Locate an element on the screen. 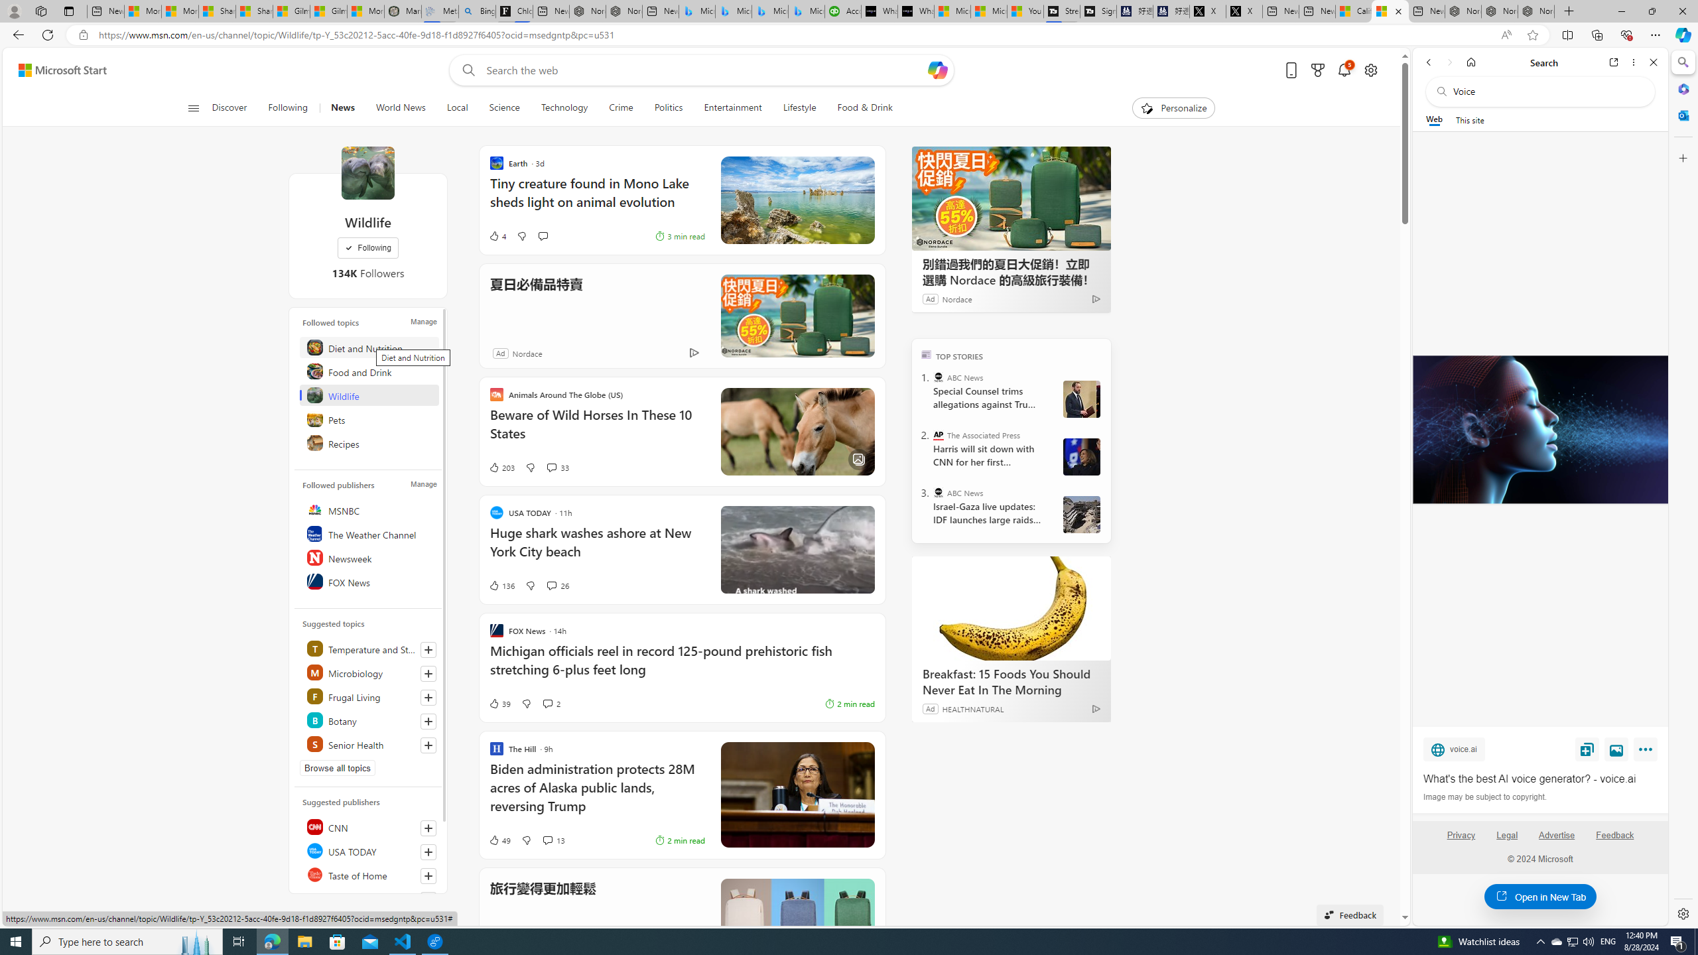  'Open link in new tab' is located at coordinates (1614, 62).